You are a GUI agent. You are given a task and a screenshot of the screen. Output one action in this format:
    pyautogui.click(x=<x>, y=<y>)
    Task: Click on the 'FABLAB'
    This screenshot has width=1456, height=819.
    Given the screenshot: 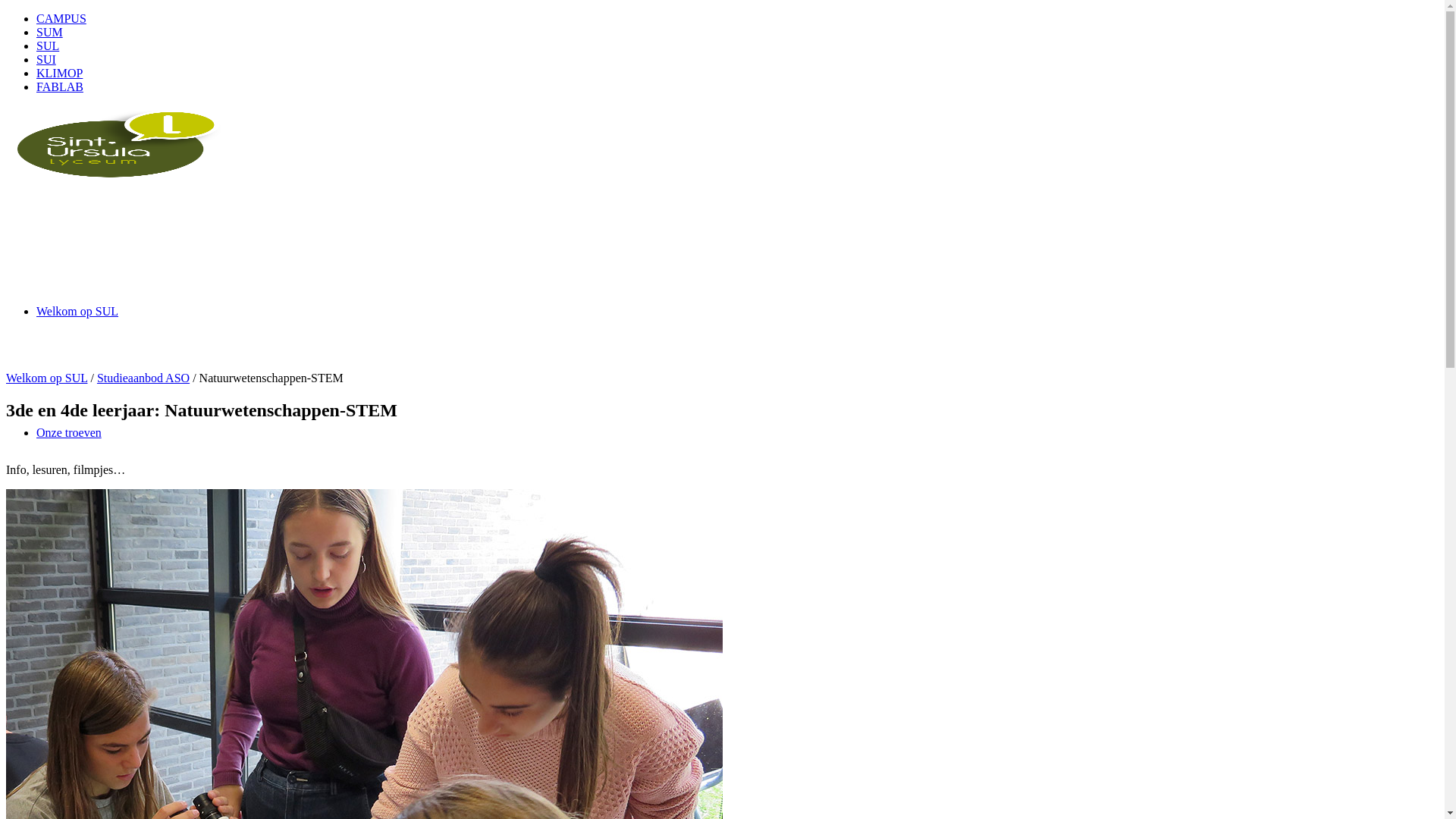 What is the action you would take?
    pyautogui.click(x=59, y=86)
    